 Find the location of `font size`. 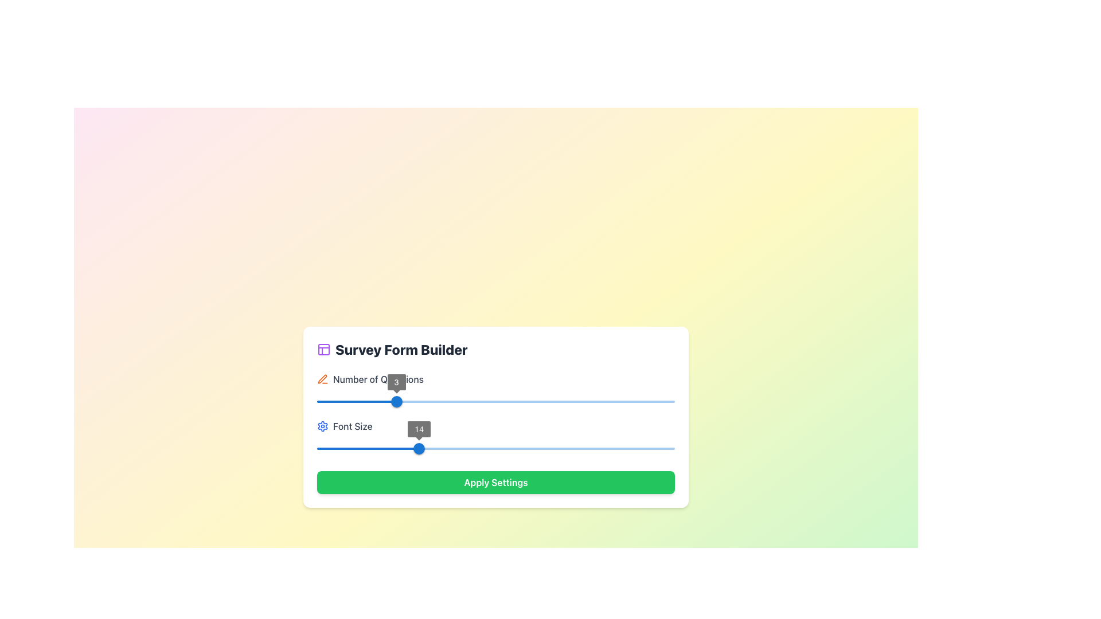

font size is located at coordinates (603, 448).